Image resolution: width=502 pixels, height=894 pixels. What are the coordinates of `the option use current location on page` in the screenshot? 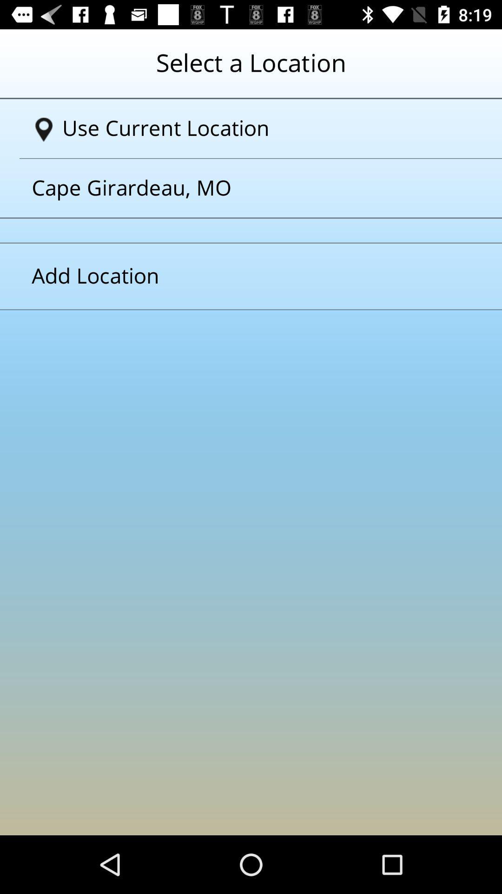 It's located at (254, 128).